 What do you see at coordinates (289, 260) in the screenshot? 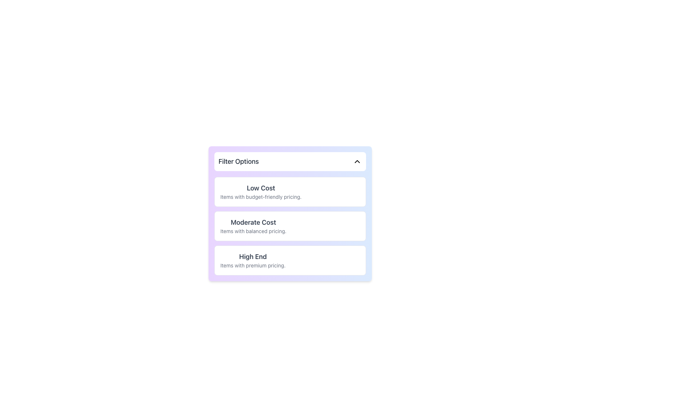
I see `the 'High End' selectable filter list item, which is the third item under the 'Filter Options' section, characterized by a white background, rounded corners, and containing the title 'High End' in bold dark font` at bounding box center [289, 260].